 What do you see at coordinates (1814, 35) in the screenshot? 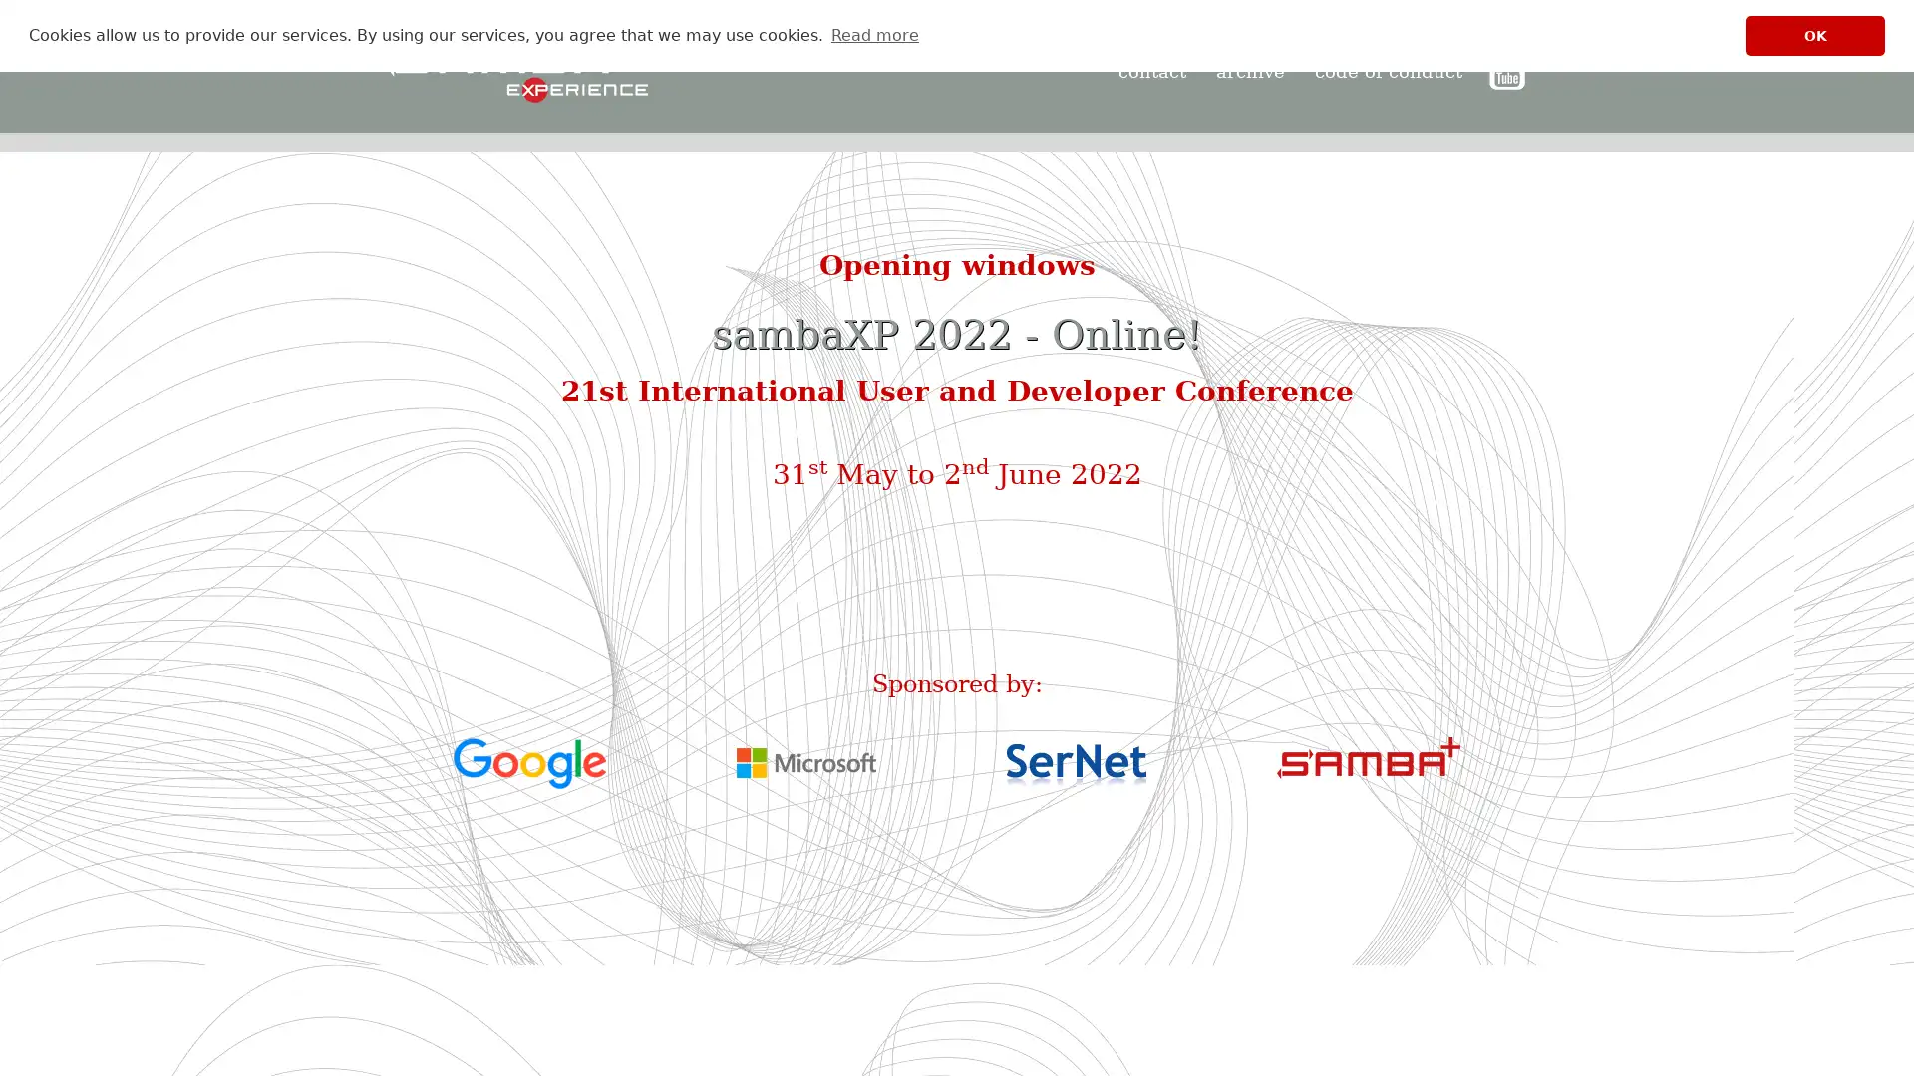
I see `dismiss cookie message` at bounding box center [1814, 35].